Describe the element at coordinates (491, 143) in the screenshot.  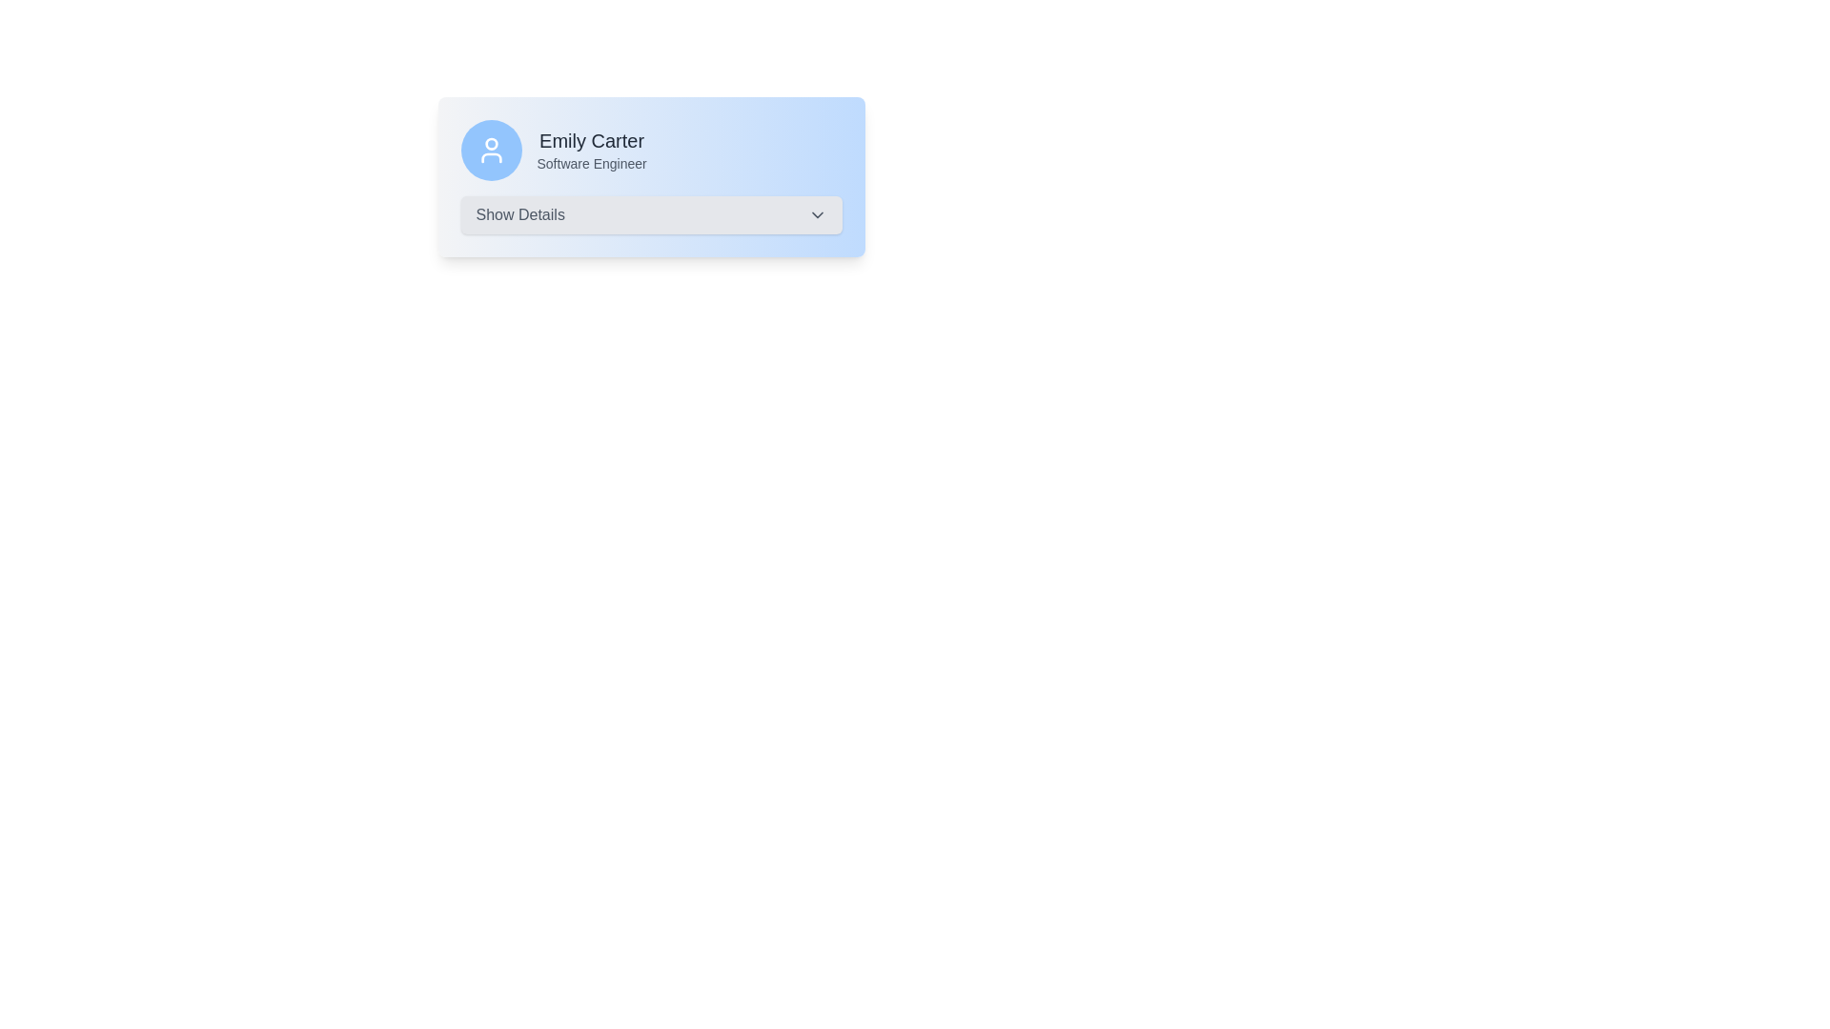
I see `the small circular shape representing the head in the user icon located at the top left corner of the card layout, adjacent to the text 'Emily Carter' and 'Software Engineer'` at that location.